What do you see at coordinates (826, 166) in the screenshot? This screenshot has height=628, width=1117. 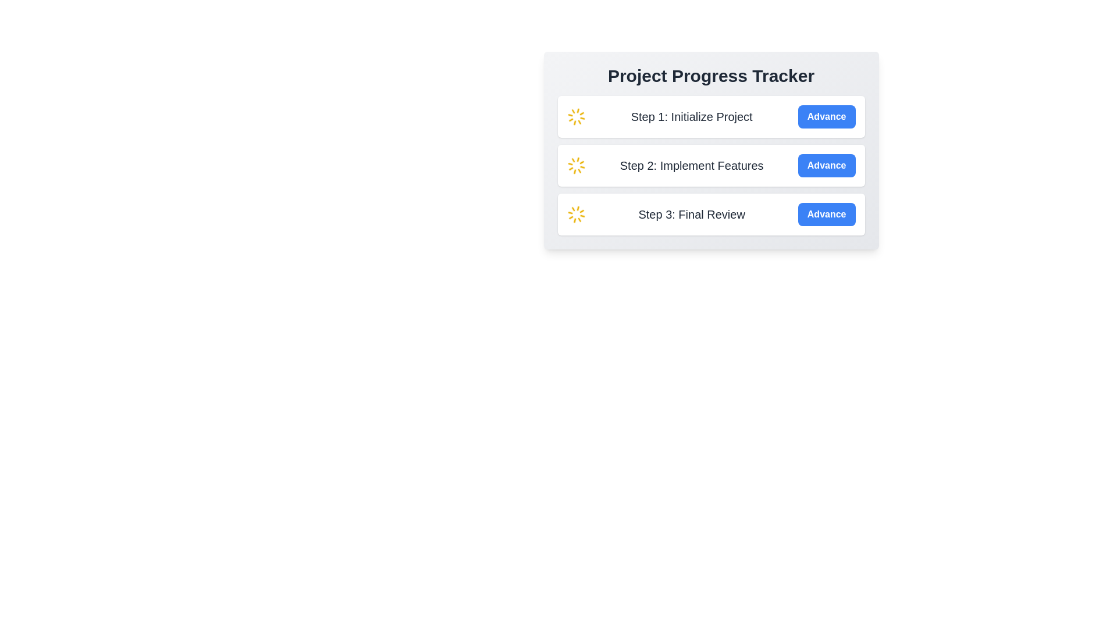 I see `the 'Advance' button for 'Step 2: Implement Features' in the Project Progress Tracker to proceed to the next step` at bounding box center [826, 166].